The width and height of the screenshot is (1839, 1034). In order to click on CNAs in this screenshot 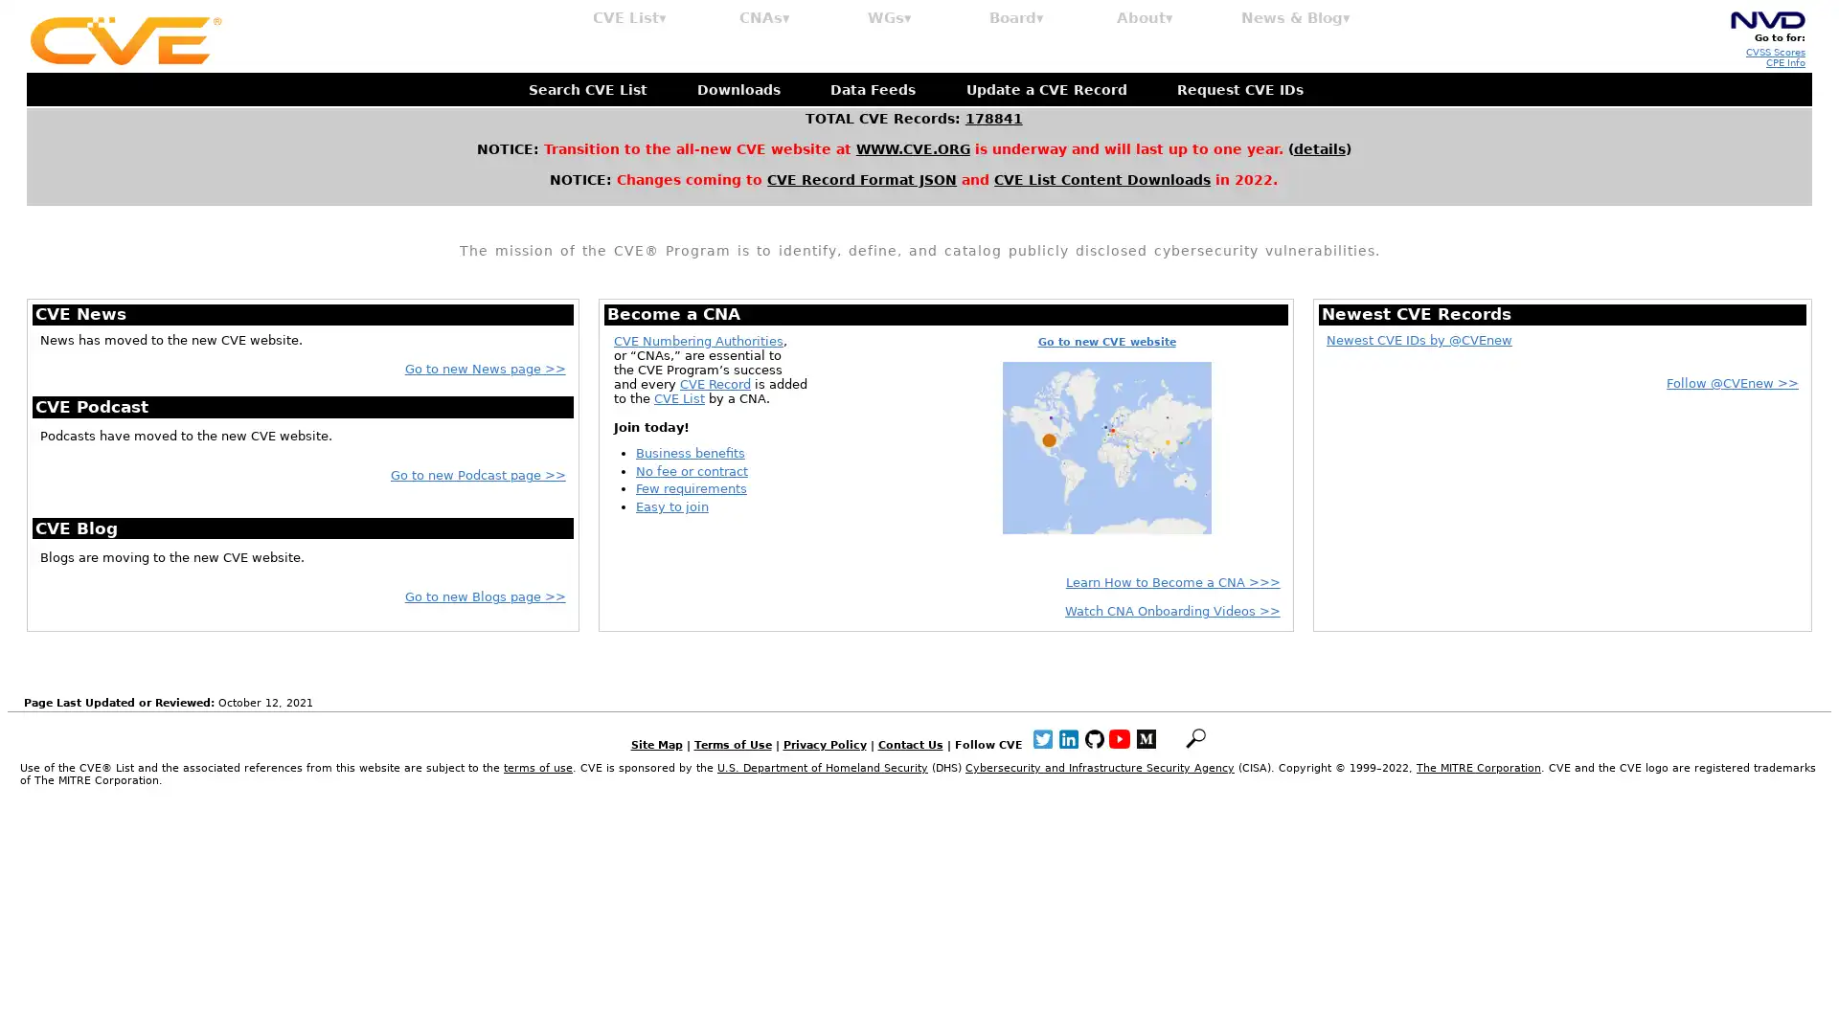, I will do `click(763, 18)`.